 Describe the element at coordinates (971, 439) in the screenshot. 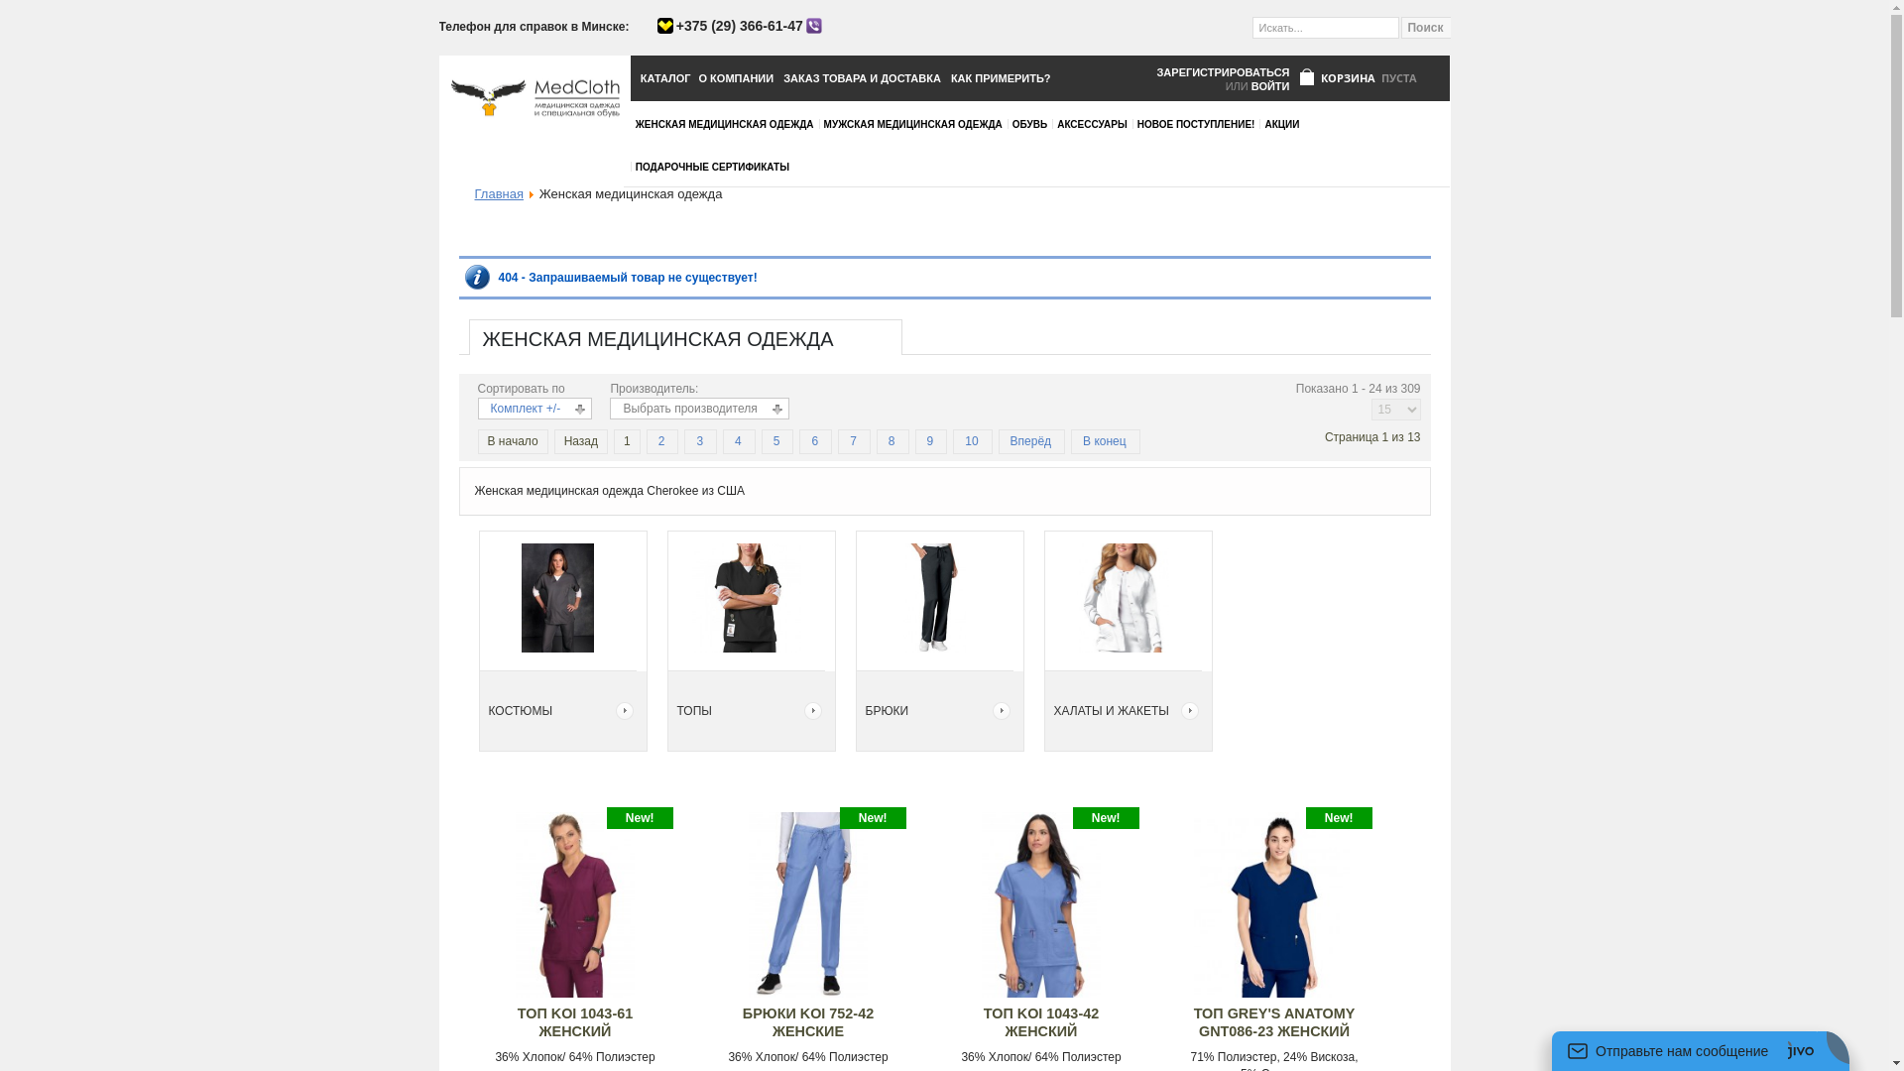

I see `'10'` at that location.